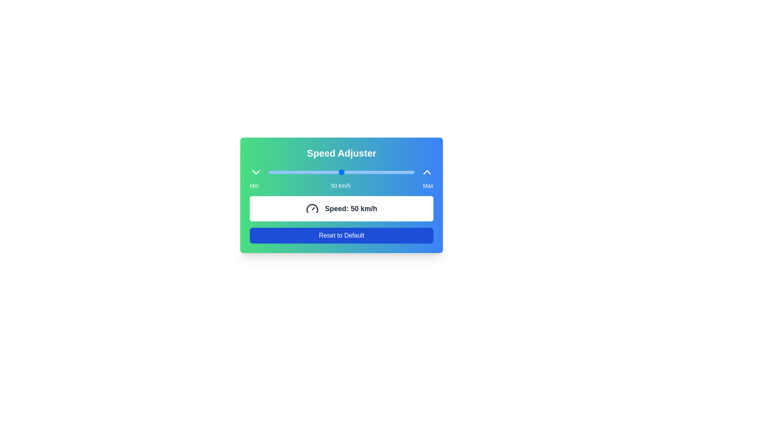 This screenshot has height=427, width=760. I want to click on the slider position, so click(270, 172).